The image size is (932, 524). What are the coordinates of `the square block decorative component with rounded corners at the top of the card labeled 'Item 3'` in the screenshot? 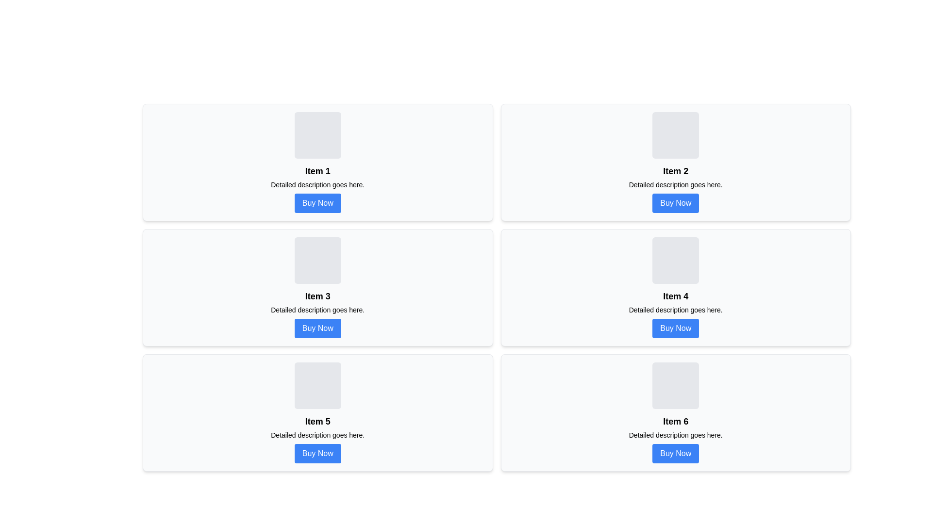 It's located at (317, 260).